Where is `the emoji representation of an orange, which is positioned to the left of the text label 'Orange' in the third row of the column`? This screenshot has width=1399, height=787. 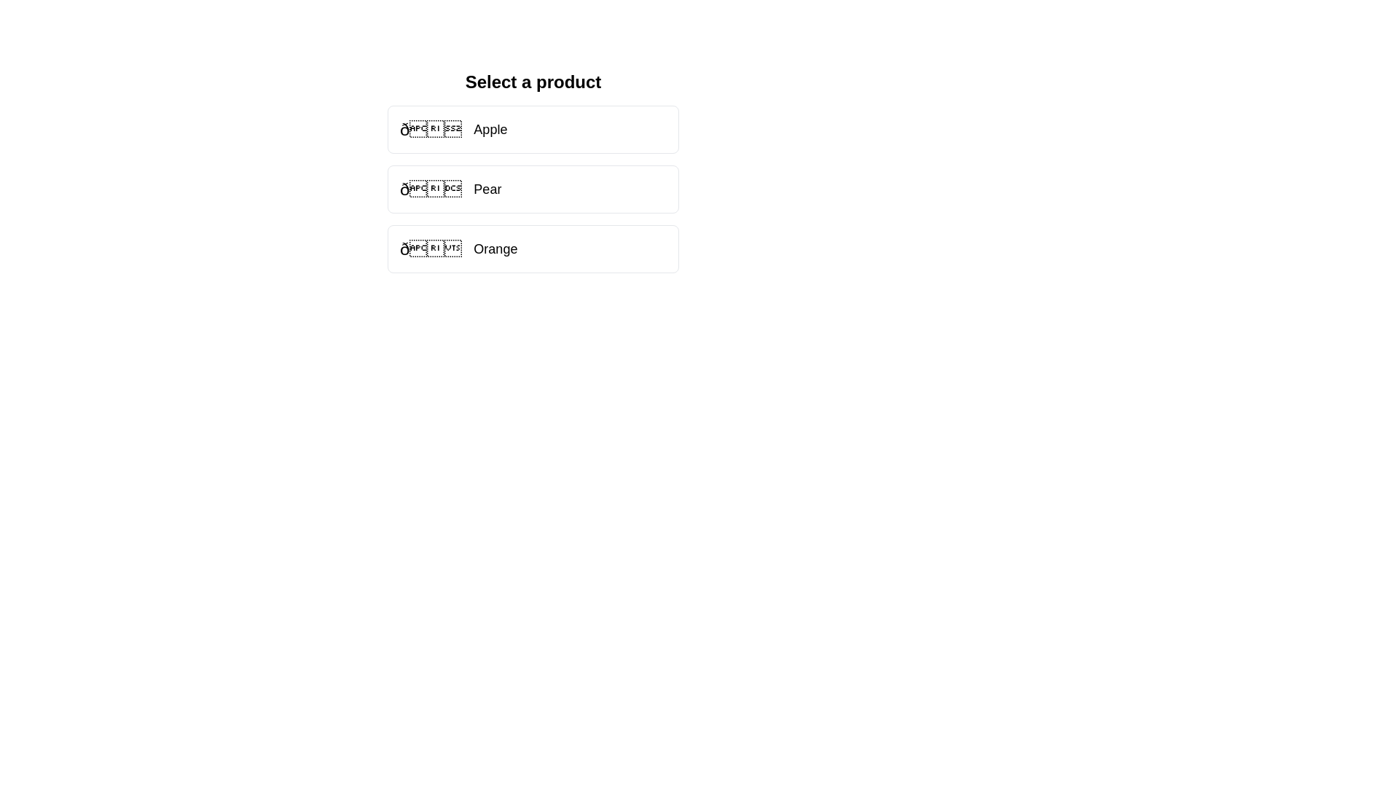
the emoji representation of an orange, which is positioned to the left of the text label 'Orange' in the third row of the column is located at coordinates (430, 248).